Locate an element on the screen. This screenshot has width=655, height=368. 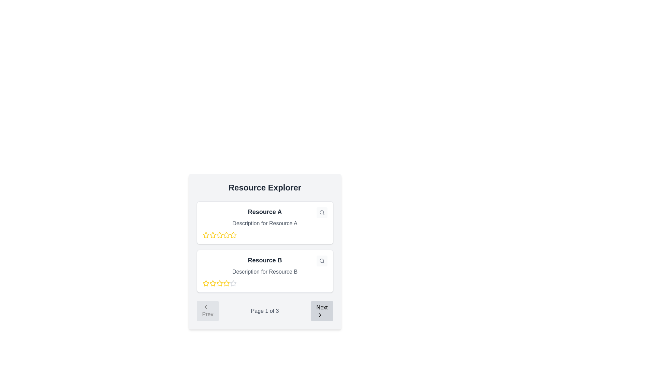
the 'Resource A' card in the 'Resource Explorer' dialog is located at coordinates (264, 252).